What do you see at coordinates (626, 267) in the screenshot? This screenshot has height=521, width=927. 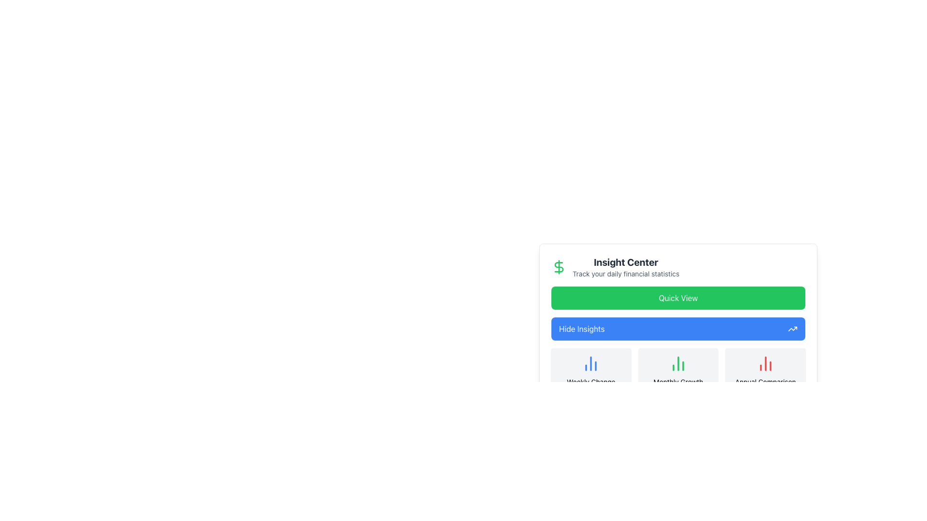 I see `the Text Display that serves as a descriptive title and subtitle for the 'Insight Center' feature, located above the 'Quick View' button and below the dollar sign icon` at bounding box center [626, 267].